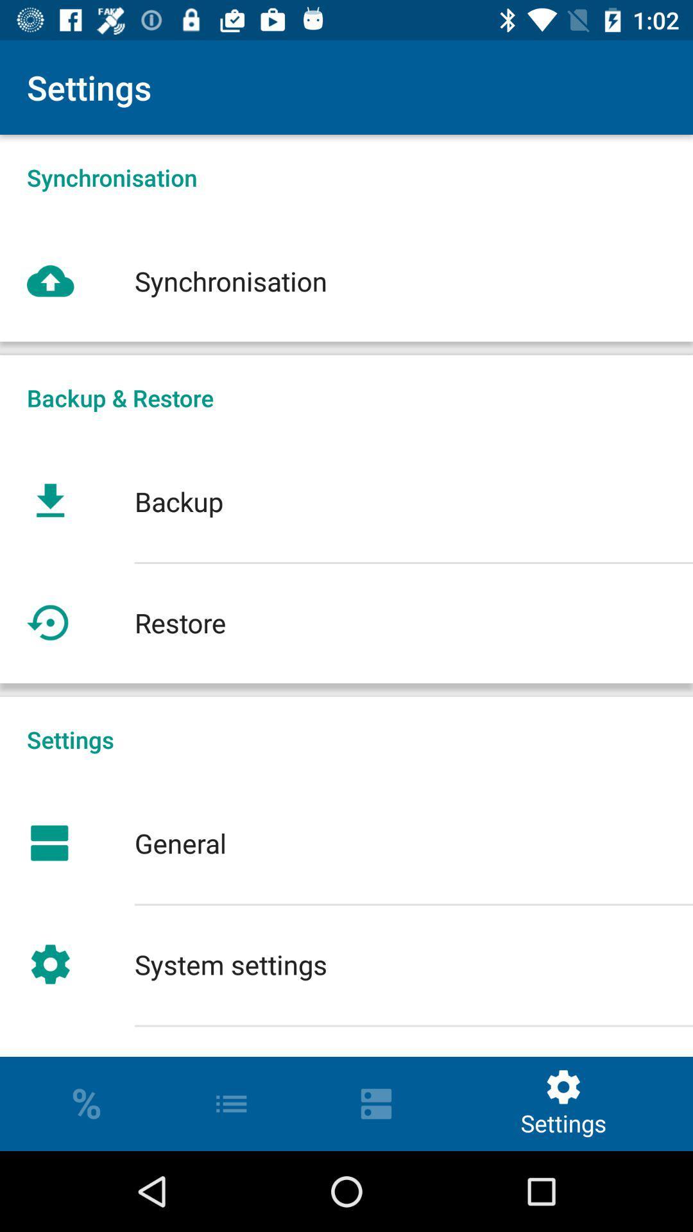 This screenshot has width=693, height=1232. What do you see at coordinates (87, 1103) in the screenshot?
I see `the first button in the blue background which is at the bottom of the page` at bounding box center [87, 1103].